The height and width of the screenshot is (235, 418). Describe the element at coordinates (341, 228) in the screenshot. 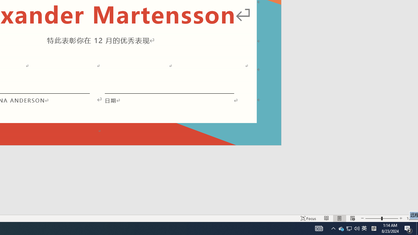

I see `'User Promoted Notification Area'` at that location.